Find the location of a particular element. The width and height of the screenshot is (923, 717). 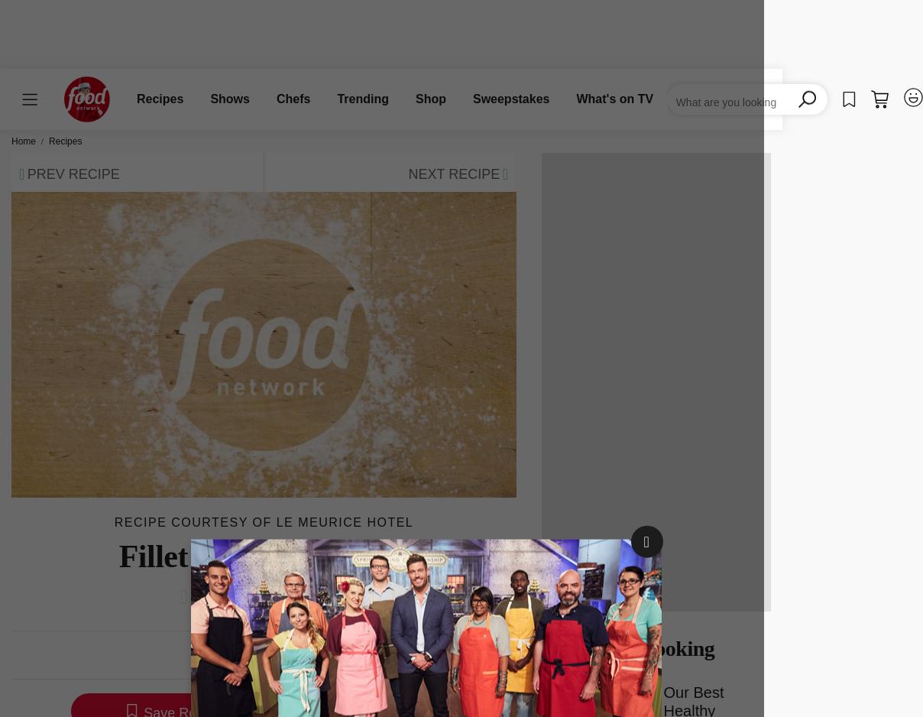

'Yield:' is located at coordinates (285, 656).